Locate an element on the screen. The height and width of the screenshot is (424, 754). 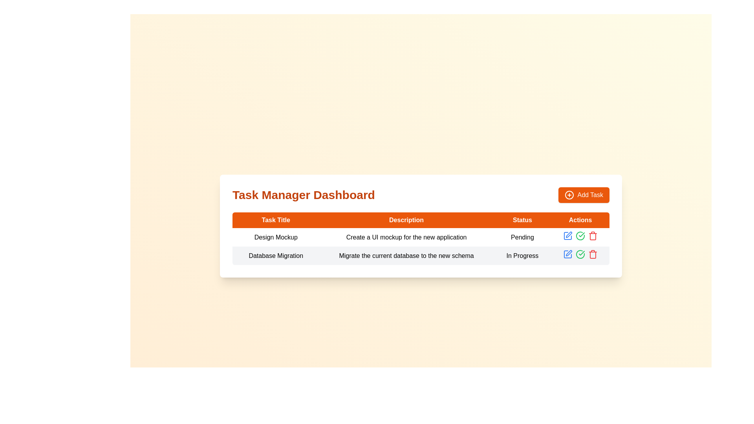
the header label for 'Task Title', which is the first column header in the task list table is located at coordinates (276, 220).